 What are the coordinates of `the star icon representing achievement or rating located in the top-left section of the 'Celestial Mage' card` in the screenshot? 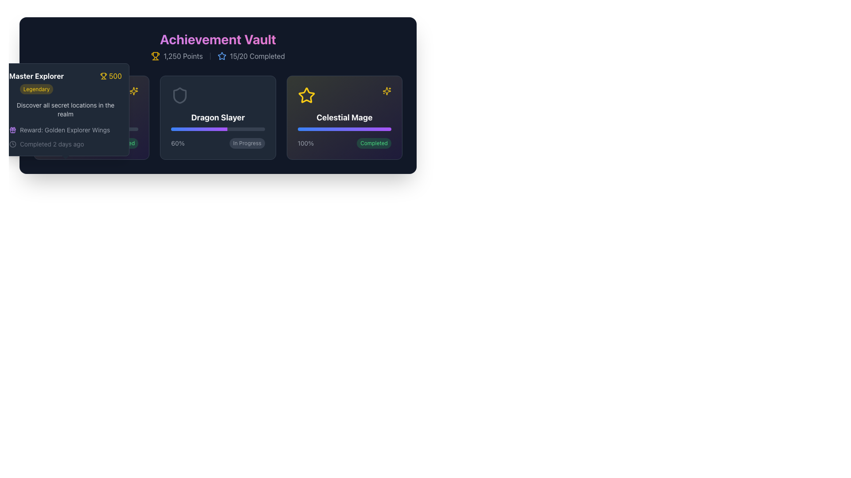 It's located at (306, 95).